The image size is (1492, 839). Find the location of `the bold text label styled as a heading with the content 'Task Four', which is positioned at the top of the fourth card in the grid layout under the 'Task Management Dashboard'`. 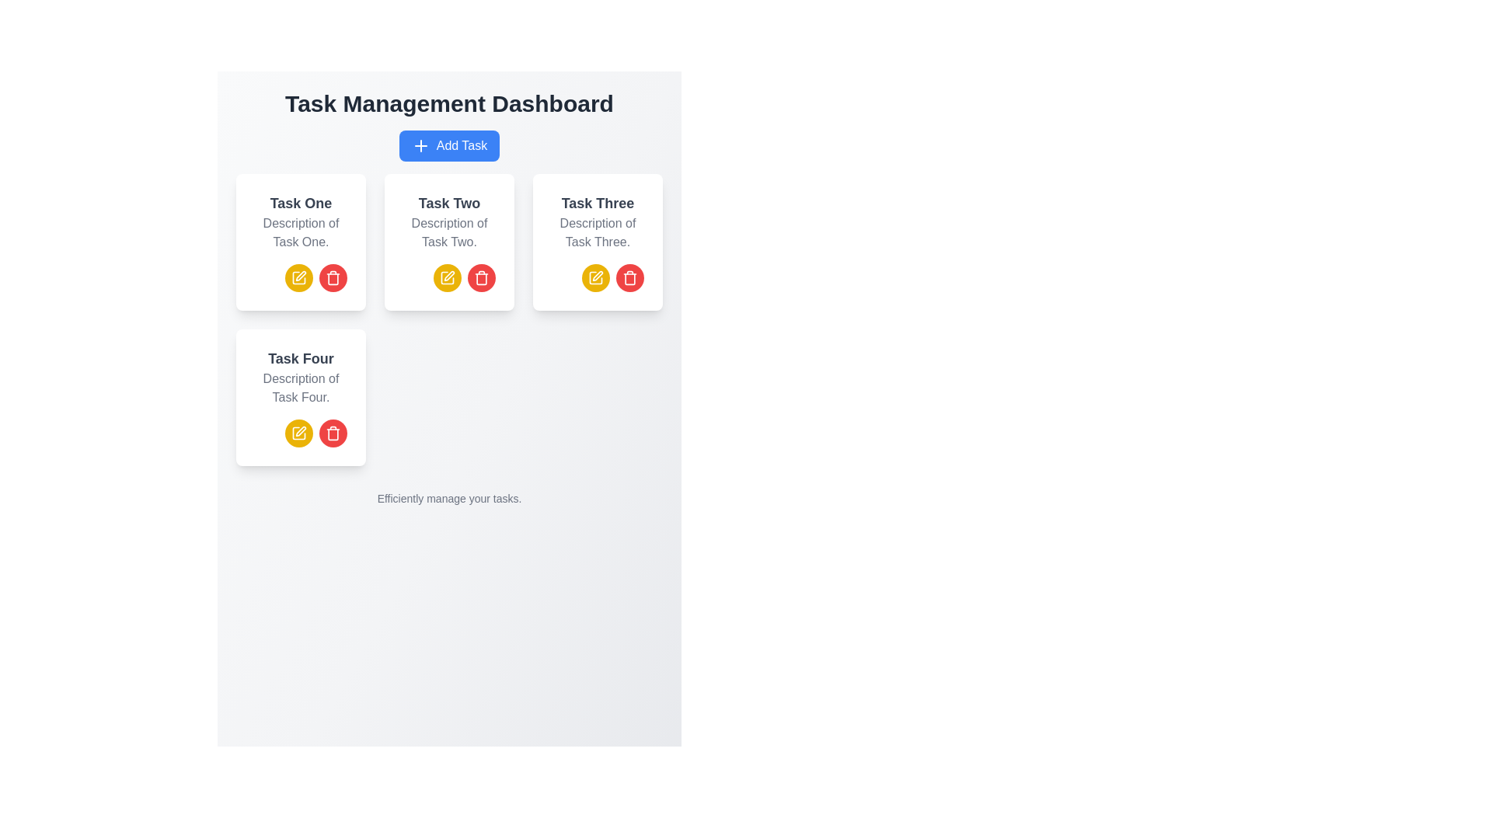

the bold text label styled as a heading with the content 'Task Four', which is positioned at the top of the fourth card in the grid layout under the 'Task Management Dashboard' is located at coordinates (301, 359).